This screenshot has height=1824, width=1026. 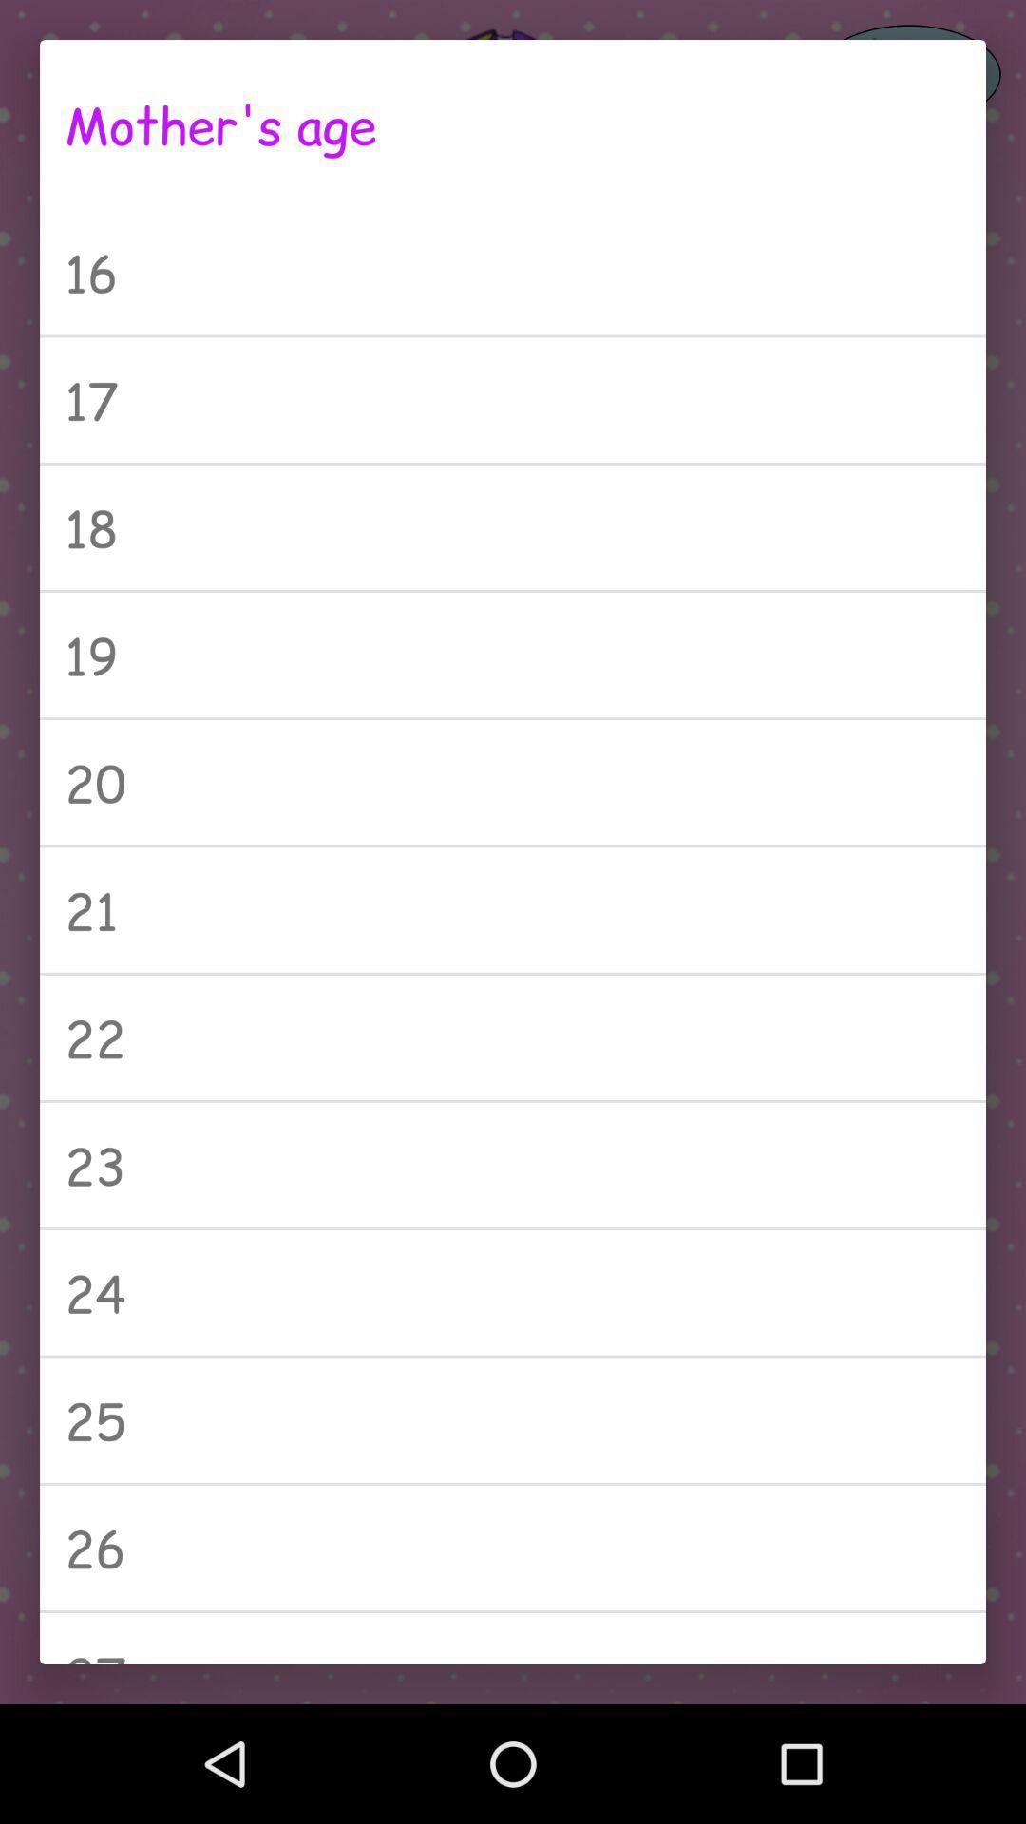 I want to click on the 18 icon, so click(x=513, y=527).